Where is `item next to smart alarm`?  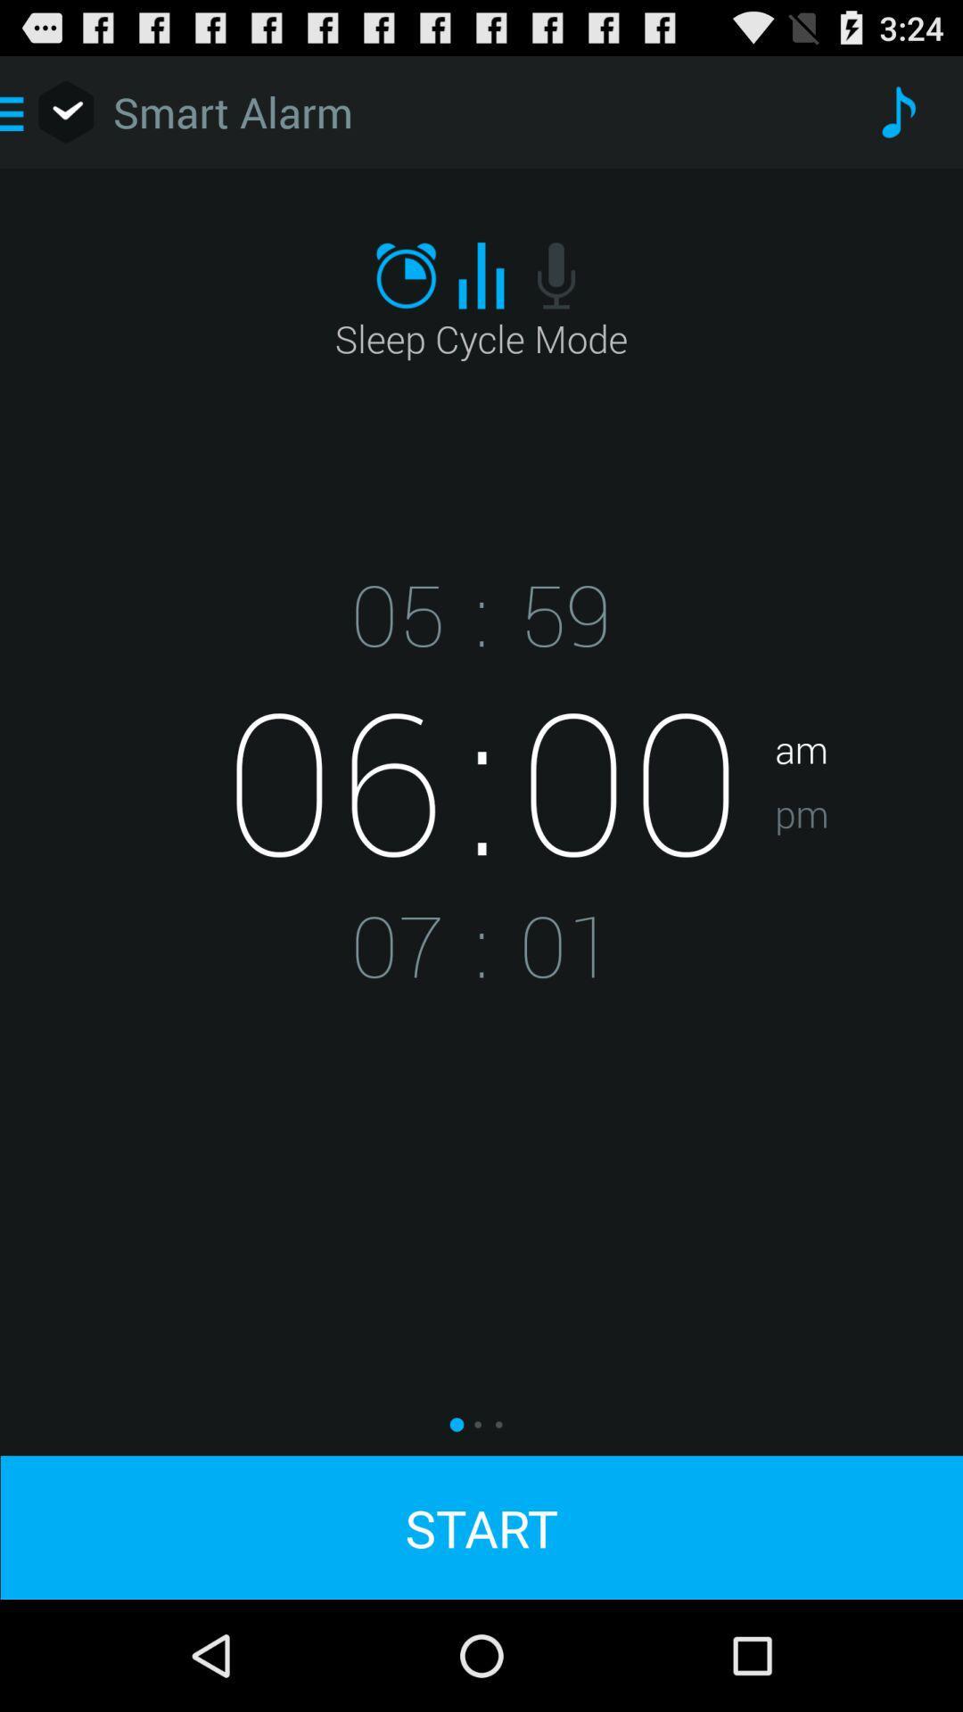 item next to smart alarm is located at coordinates (897, 111).